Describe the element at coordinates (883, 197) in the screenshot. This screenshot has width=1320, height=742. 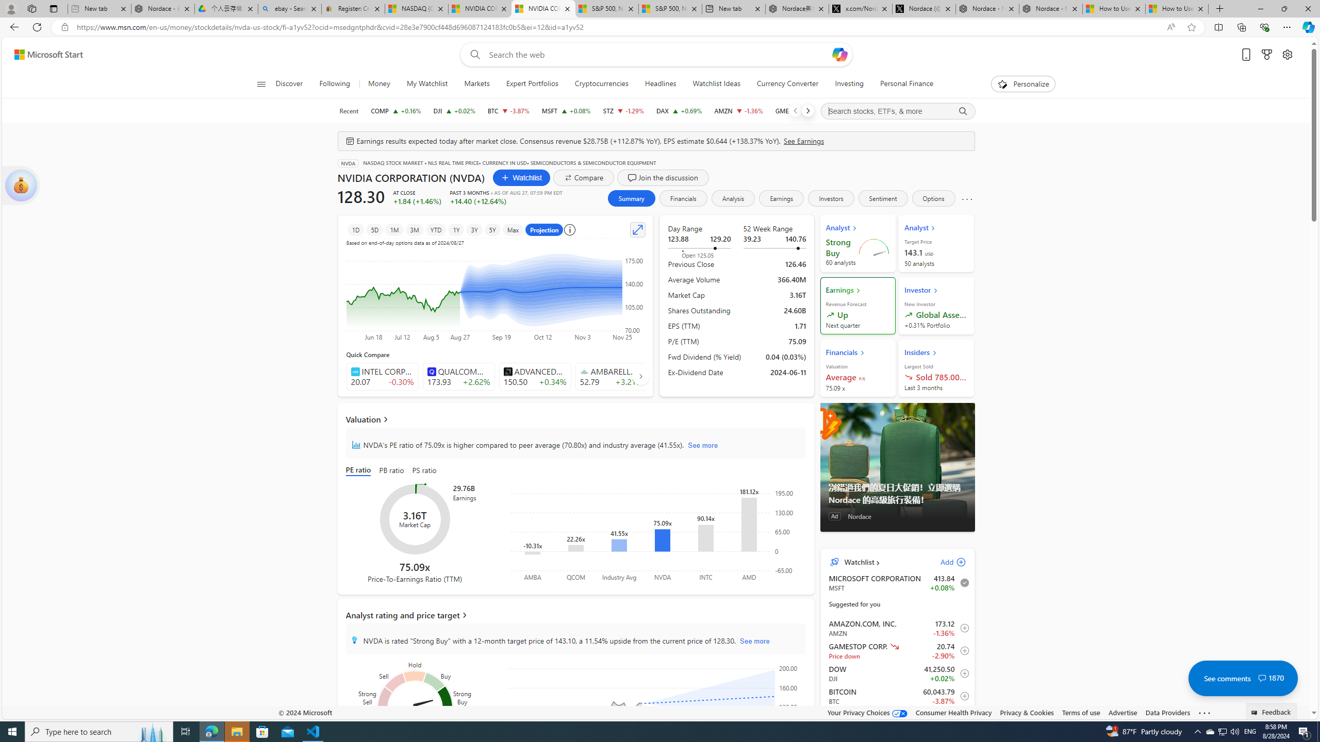
I see `'Sentiment'` at that location.